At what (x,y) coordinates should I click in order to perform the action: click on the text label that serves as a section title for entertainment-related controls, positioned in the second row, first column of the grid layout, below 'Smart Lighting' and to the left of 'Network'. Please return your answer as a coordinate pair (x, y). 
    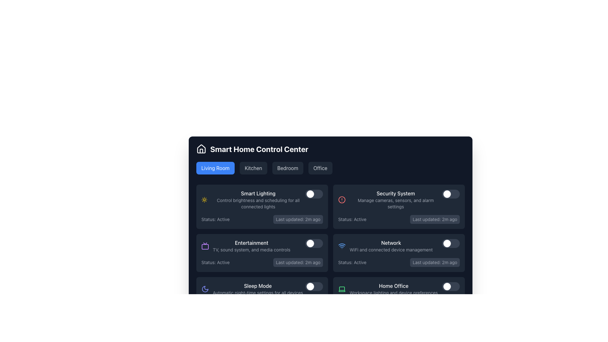
    Looking at the image, I should click on (251, 245).